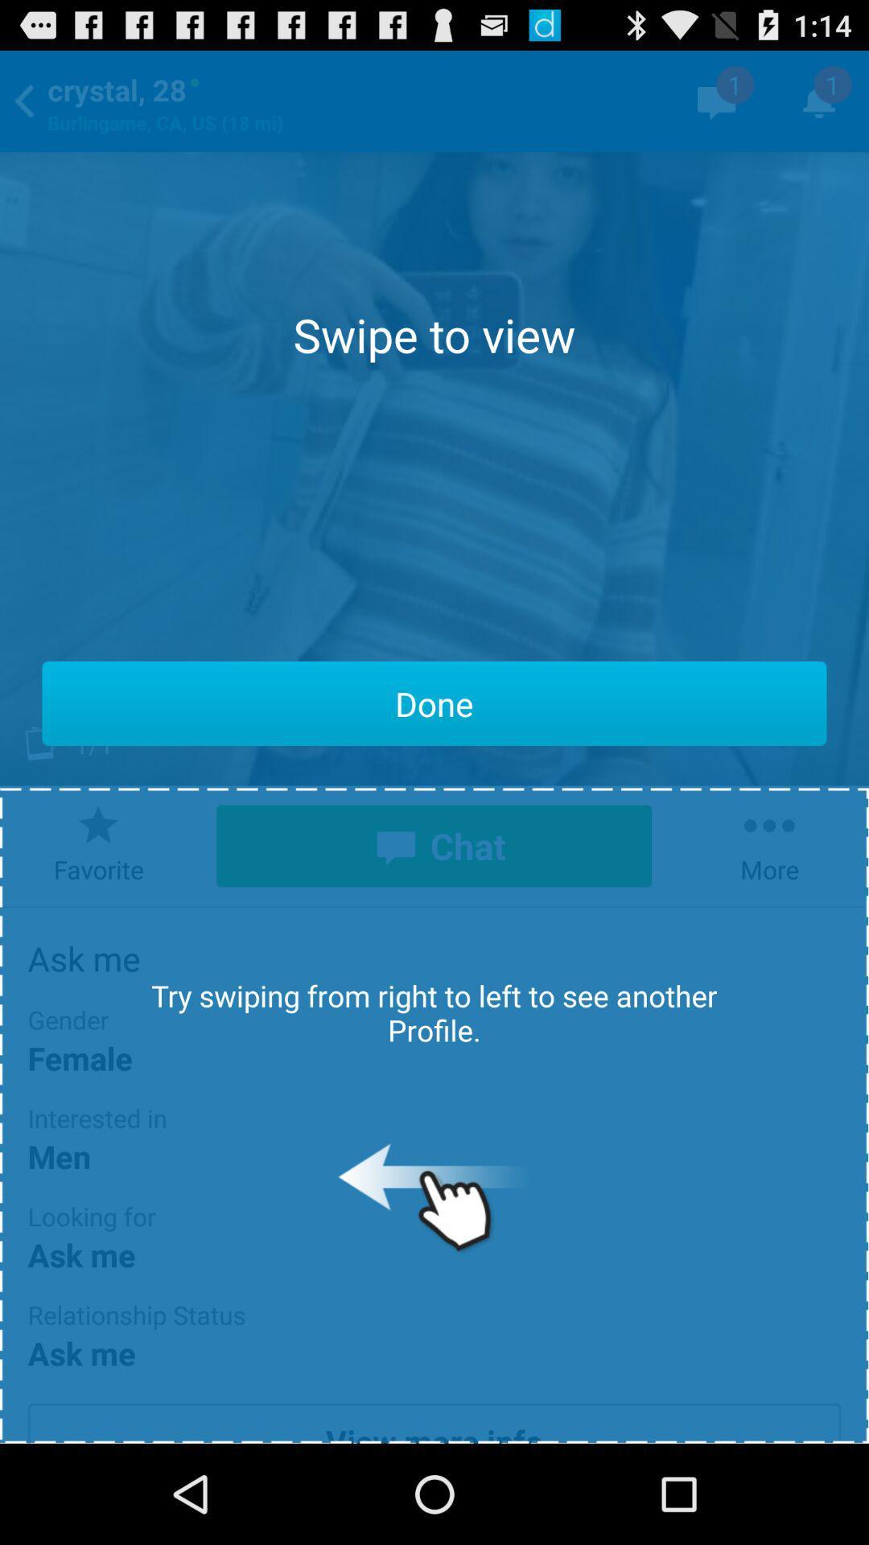 This screenshot has width=869, height=1545. I want to click on the item above try swiping from item, so click(434, 703).